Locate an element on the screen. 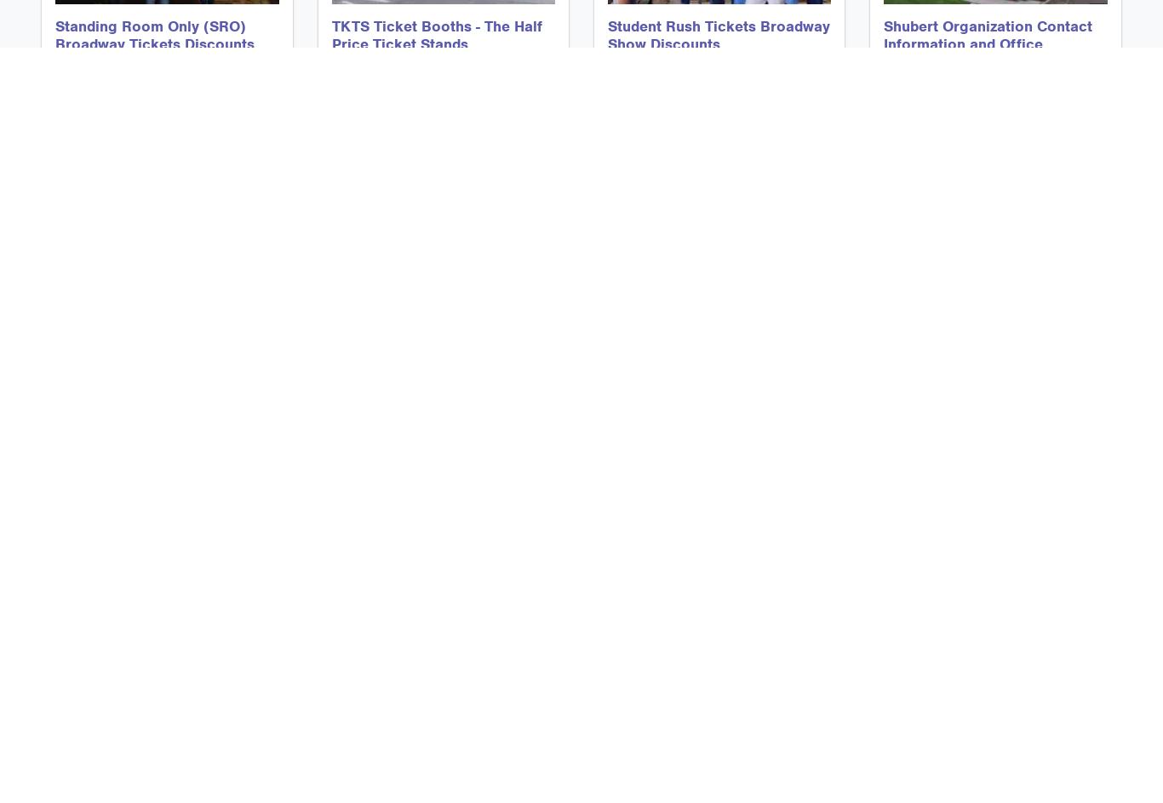 The height and width of the screenshot is (803, 1163). 'Standing Room Only and SRO Discount Tickets to Broadway Shows in New York City' is located at coordinates (165, 94).